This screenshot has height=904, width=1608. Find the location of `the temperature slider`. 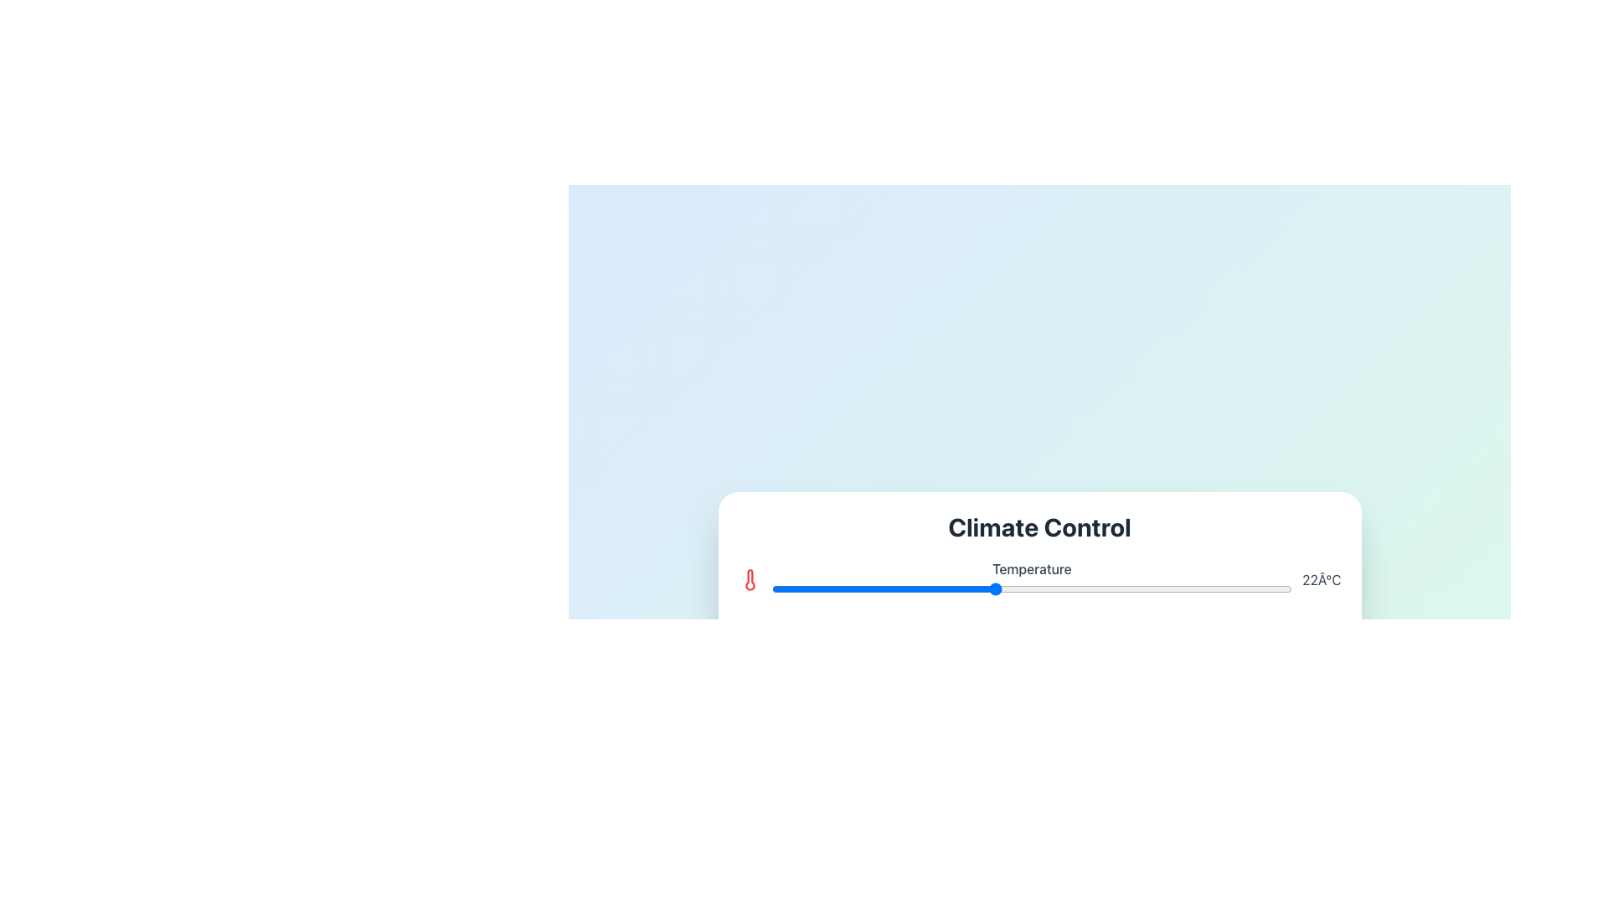

the temperature slider is located at coordinates (770, 588).